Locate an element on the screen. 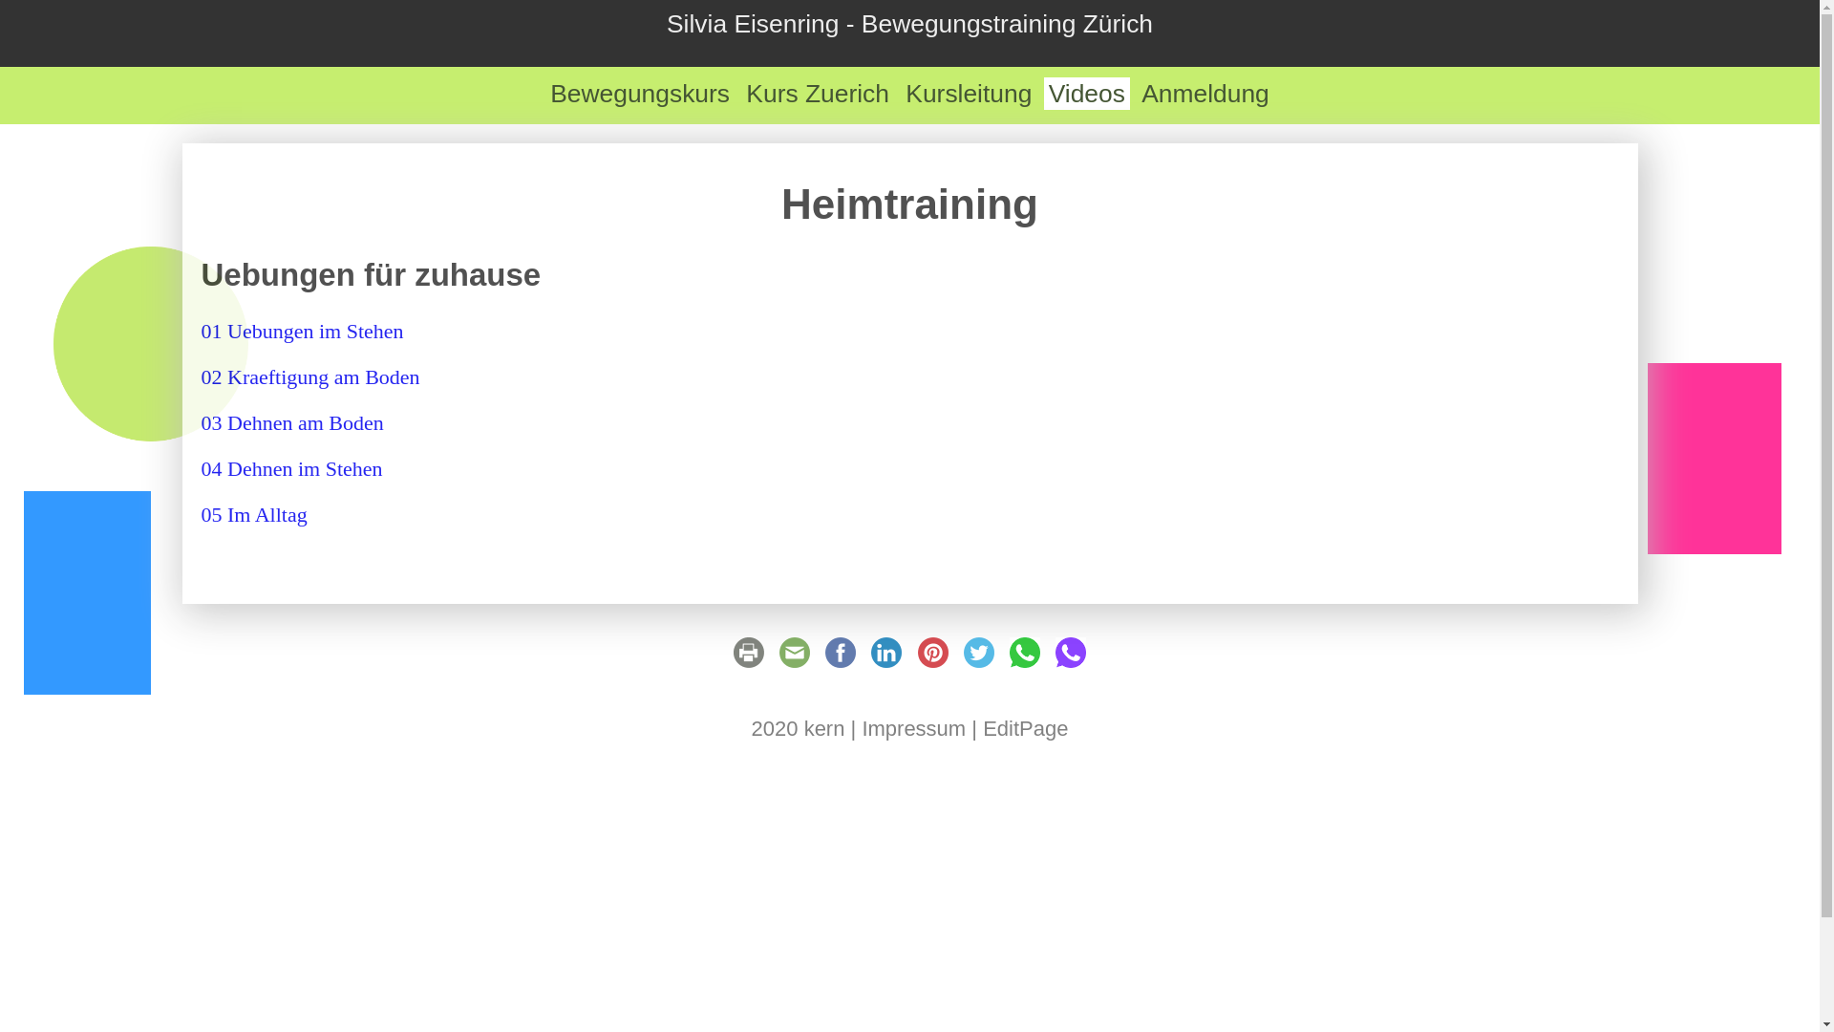 The width and height of the screenshot is (1834, 1032). 'Pinterest' is located at coordinates (933, 659).